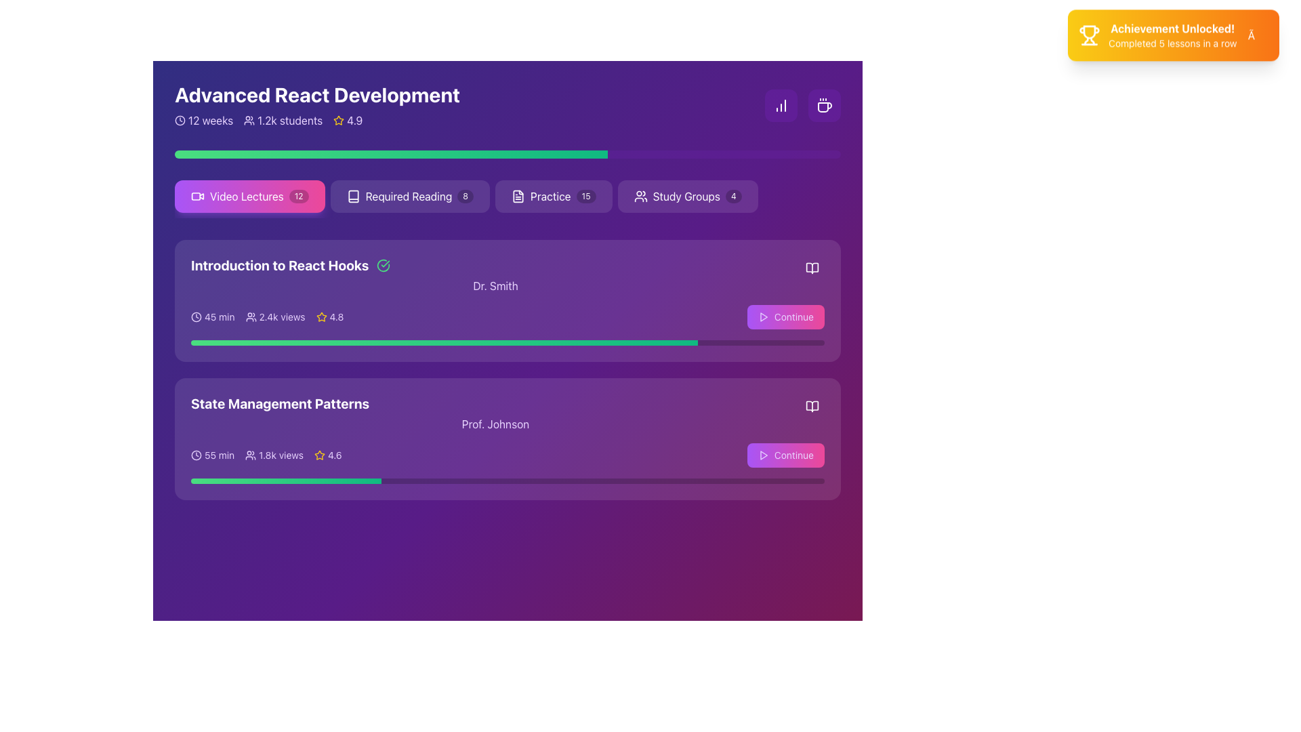 This screenshot has height=732, width=1301. What do you see at coordinates (812, 268) in the screenshot?
I see `the reading or literature icon located in the top right corner of the 'Introduction to React Hooks' card, adjacent to the 'Continue' button` at bounding box center [812, 268].